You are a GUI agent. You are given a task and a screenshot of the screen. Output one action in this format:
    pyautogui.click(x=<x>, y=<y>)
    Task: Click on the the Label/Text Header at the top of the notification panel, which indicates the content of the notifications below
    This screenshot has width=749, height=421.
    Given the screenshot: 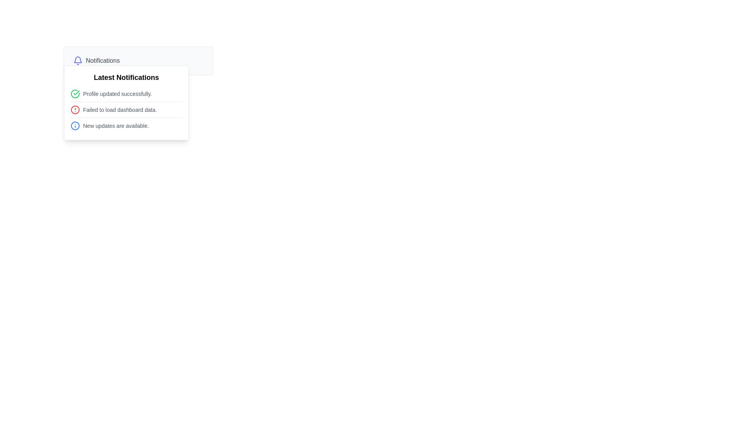 What is the action you would take?
    pyautogui.click(x=126, y=78)
    